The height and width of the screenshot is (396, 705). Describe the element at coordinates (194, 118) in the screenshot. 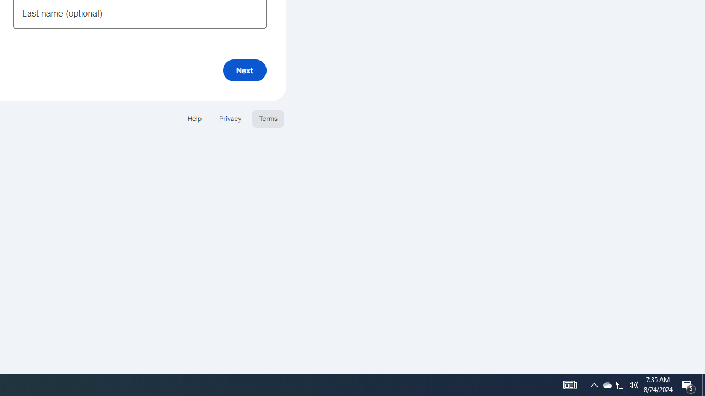

I see `'Help'` at that location.